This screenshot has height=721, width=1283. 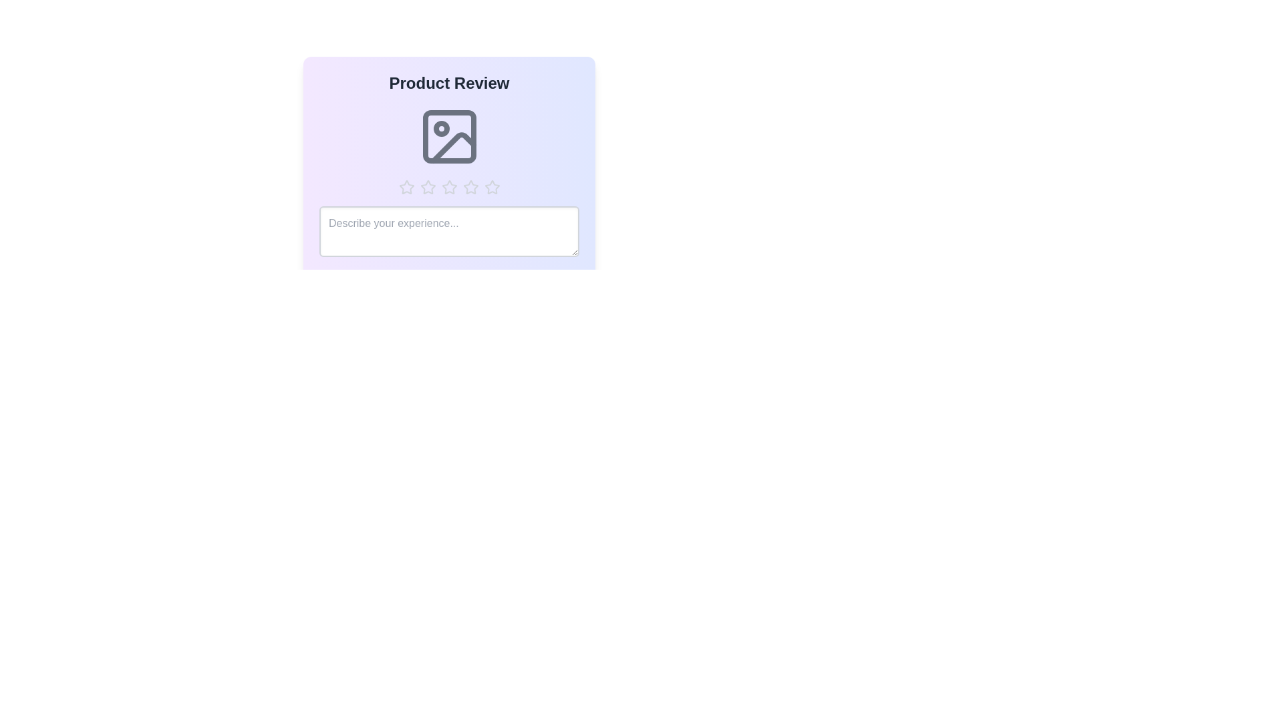 What do you see at coordinates (428, 188) in the screenshot?
I see `the star corresponding to 2 stars to preview the rating` at bounding box center [428, 188].